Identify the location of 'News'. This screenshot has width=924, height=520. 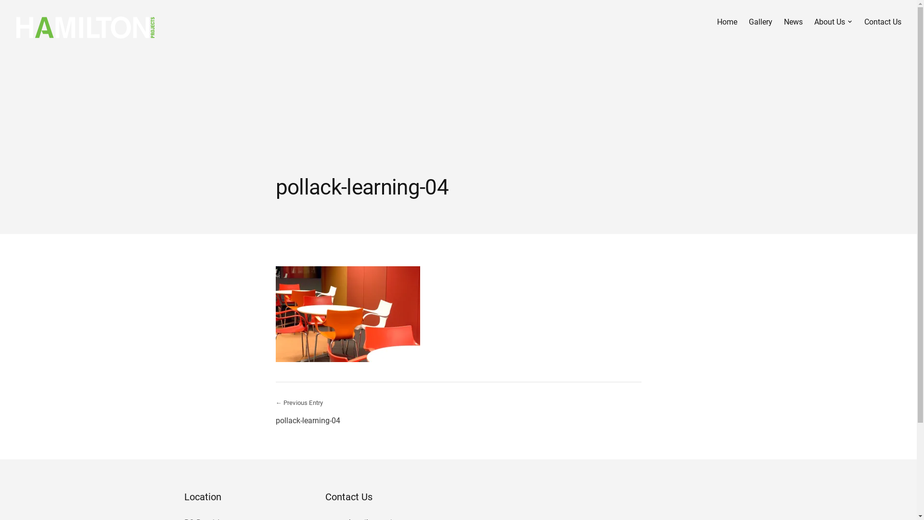
(793, 22).